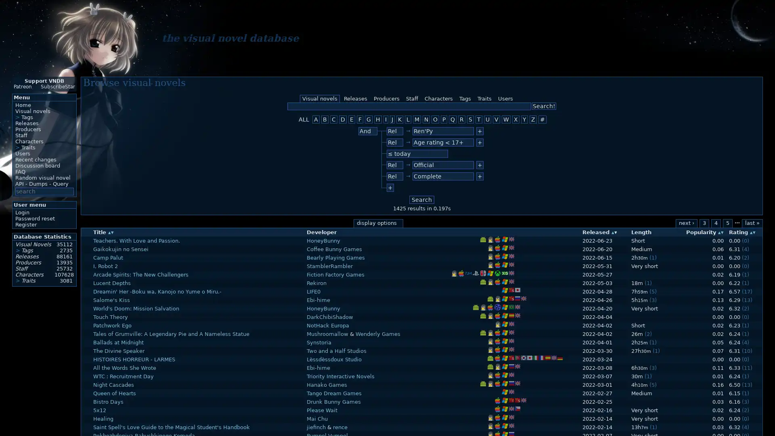 Image resolution: width=775 pixels, height=436 pixels. Describe the element at coordinates (515, 119) in the screenshot. I see `X` at that location.